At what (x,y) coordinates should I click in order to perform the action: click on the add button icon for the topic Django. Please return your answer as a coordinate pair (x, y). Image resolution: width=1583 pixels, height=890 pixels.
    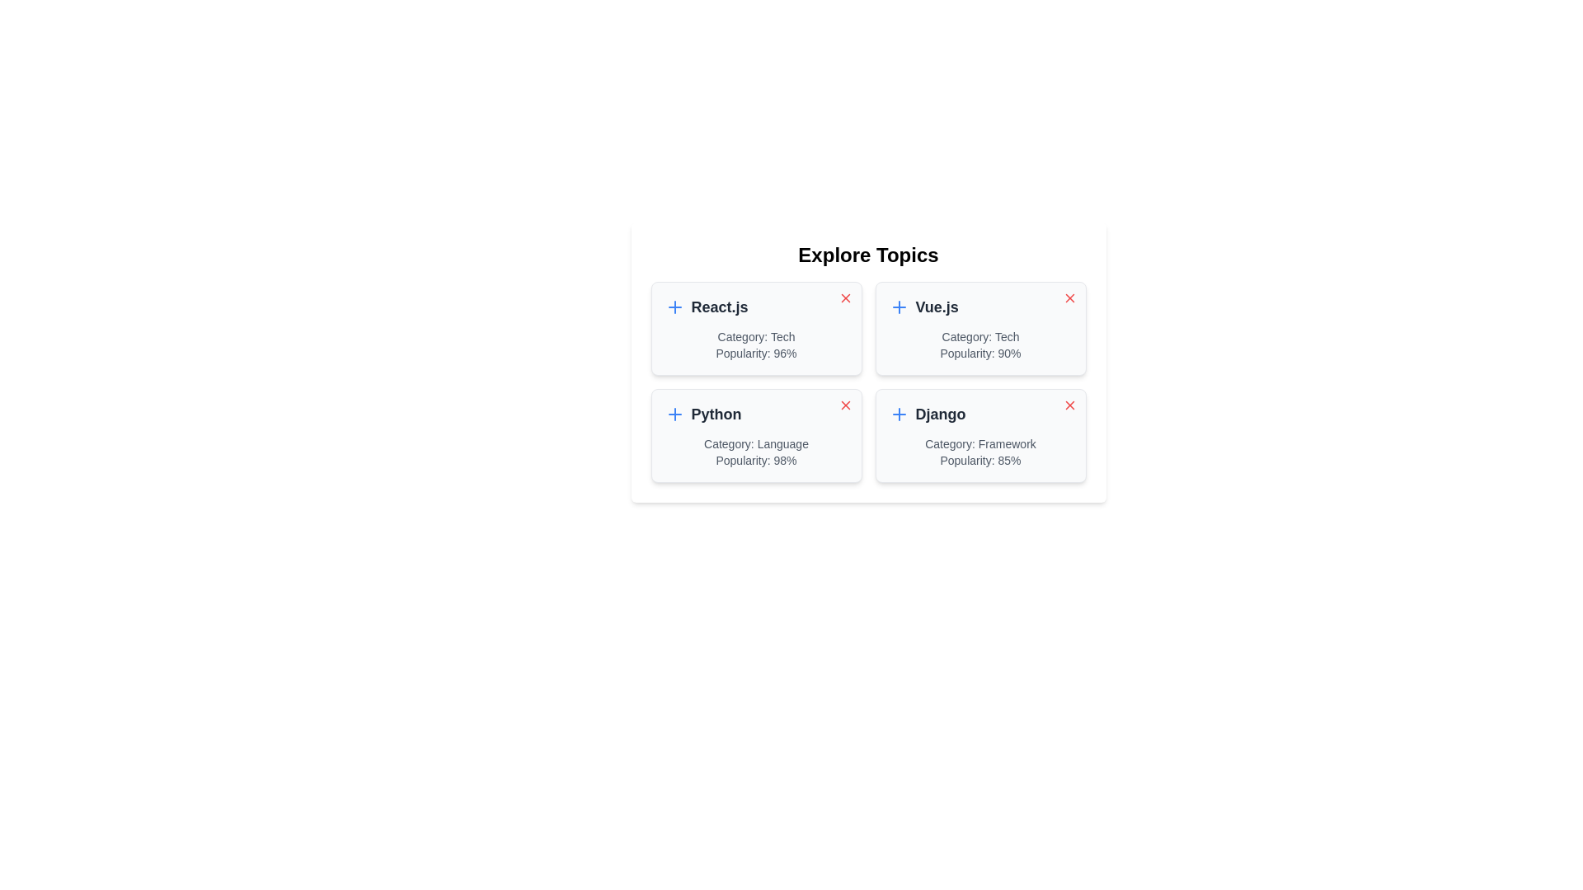
    Looking at the image, I should click on (898, 413).